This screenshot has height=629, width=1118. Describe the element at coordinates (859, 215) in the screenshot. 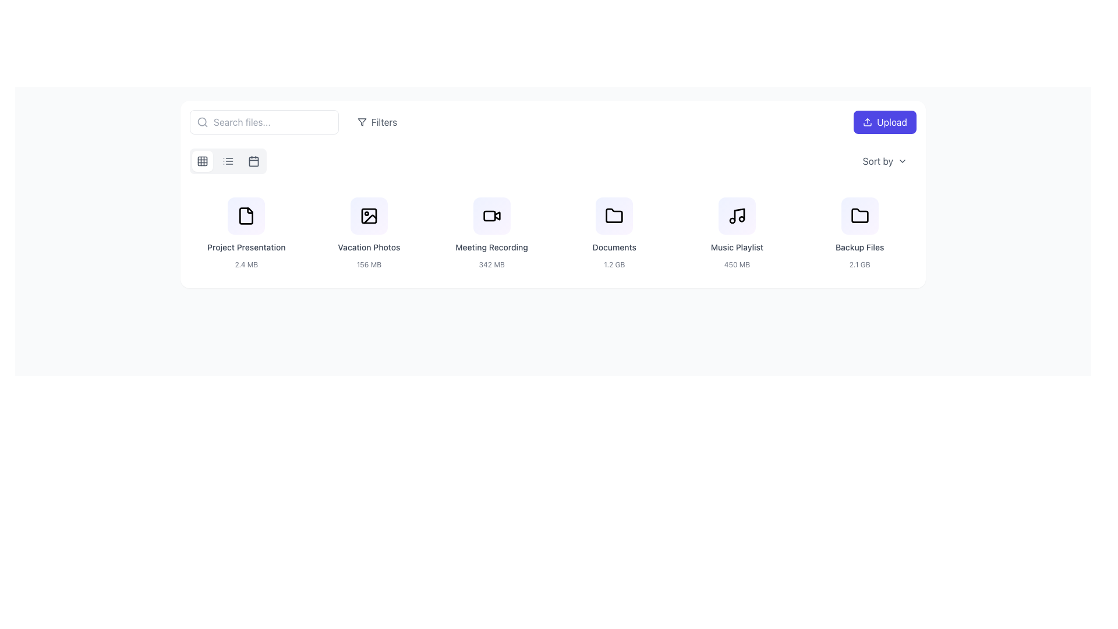

I see `the folder icon located at the bottom right of the grid section, directly beneath the 'Backup Files' text` at that location.